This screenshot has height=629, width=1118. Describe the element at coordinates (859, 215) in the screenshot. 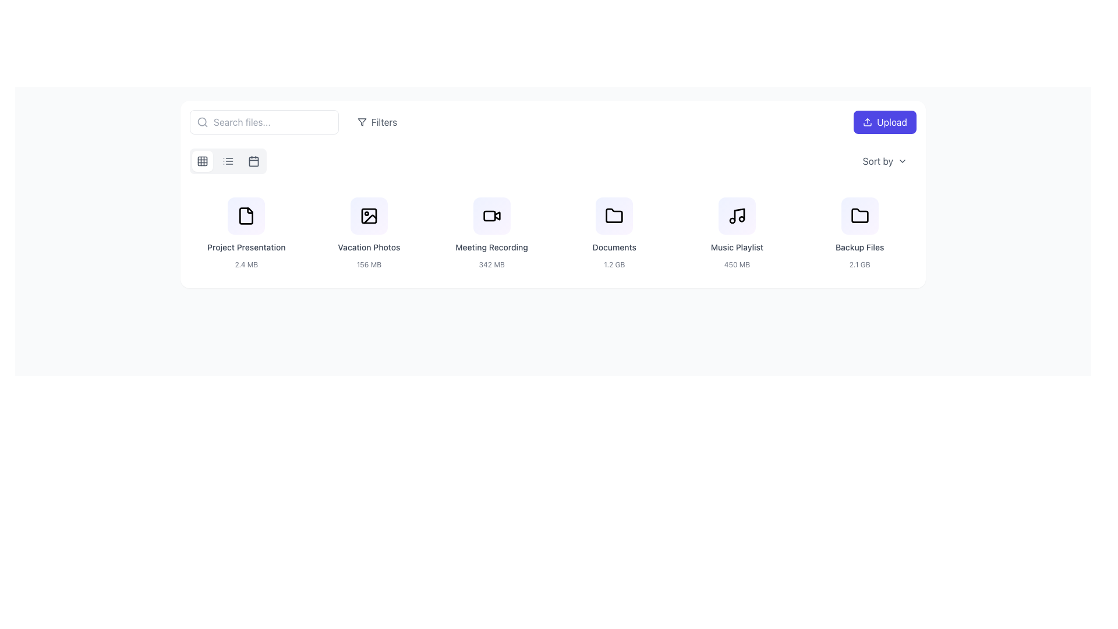

I see `the folder icon located at the bottom right of the grid section, directly beneath the 'Backup Files' text` at that location.